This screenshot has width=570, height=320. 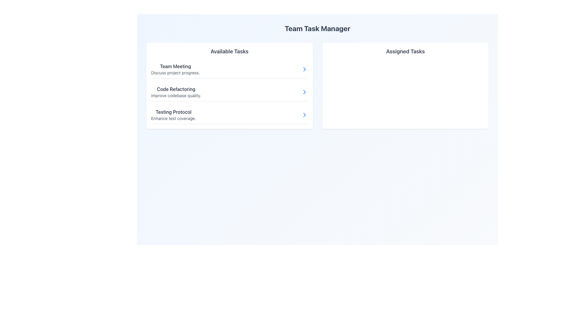 I want to click on the second task item in the 'Available Tasks' section of the 'Team Task Manager' interface, so click(x=176, y=92).